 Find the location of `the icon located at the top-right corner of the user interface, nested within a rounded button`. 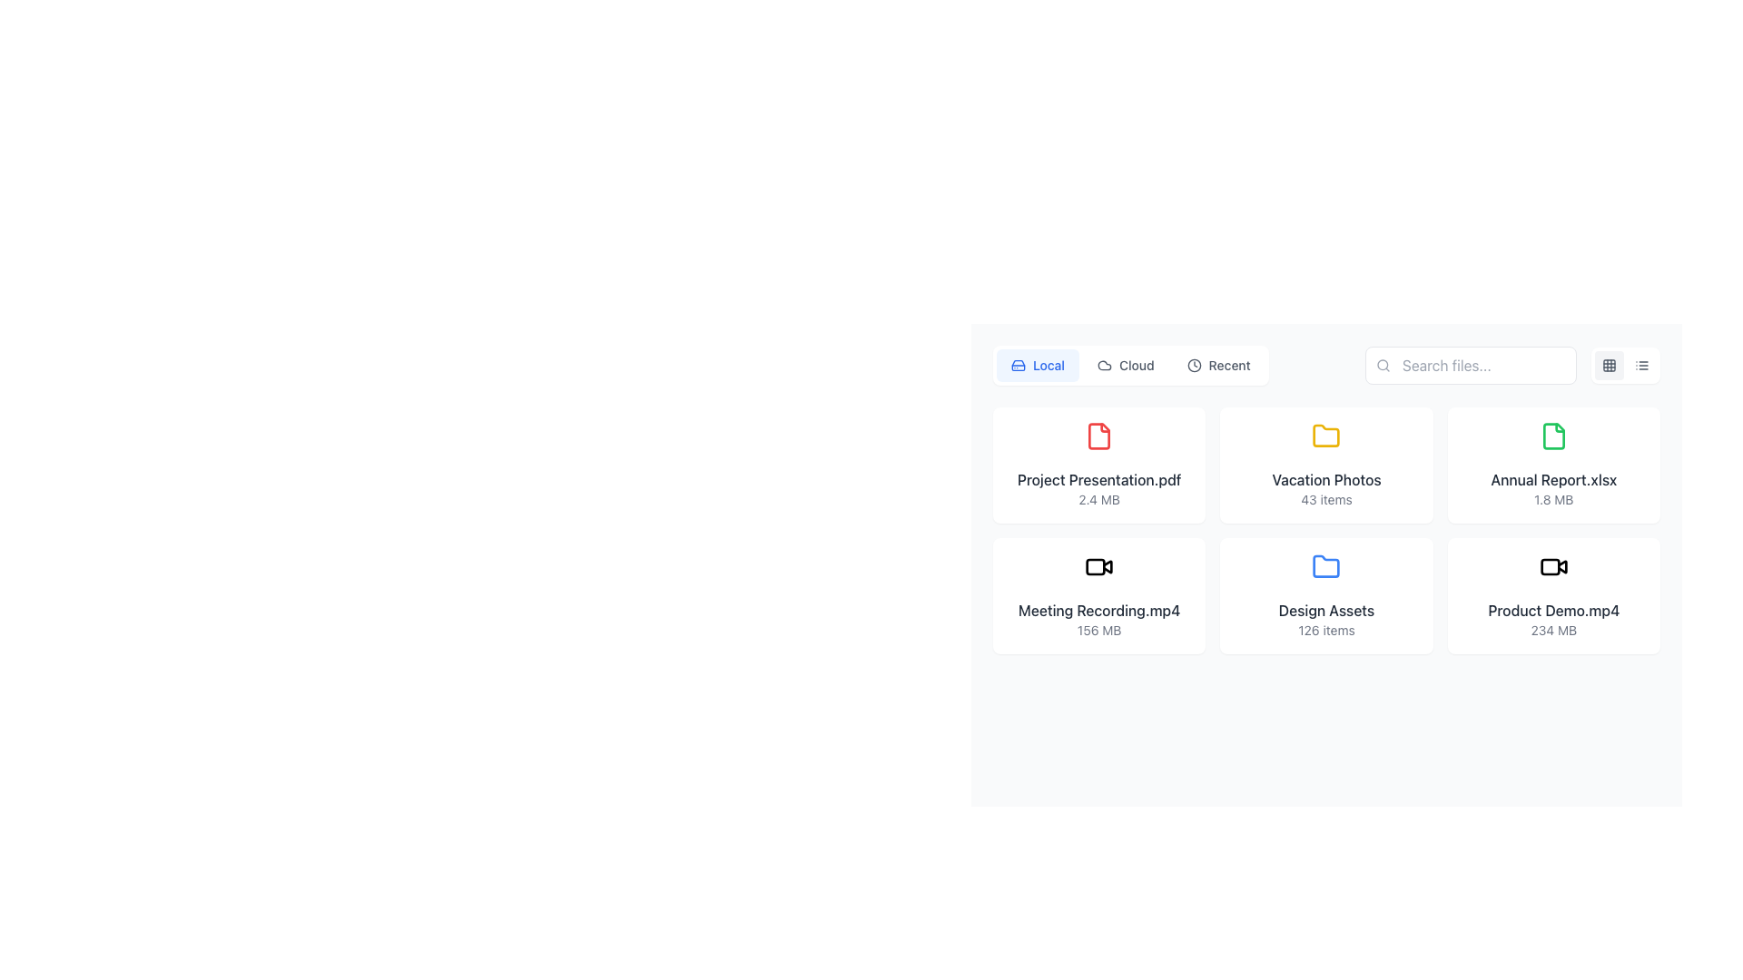

the icon located at the top-right corner of the user interface, nested within a rounded button is located at coordinates (1642, 365).